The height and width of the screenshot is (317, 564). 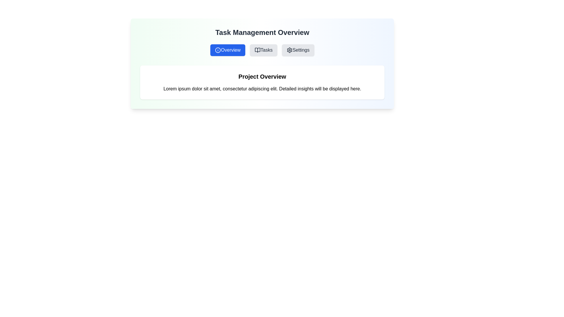 What do you see at coordinates (258, 50) in the screenshot?
I see `the open book icon that is part of the 'Tasks' button in the navigation bar, located at the left-most position before the text 'Tasks'` at bounding box center [258, 50].